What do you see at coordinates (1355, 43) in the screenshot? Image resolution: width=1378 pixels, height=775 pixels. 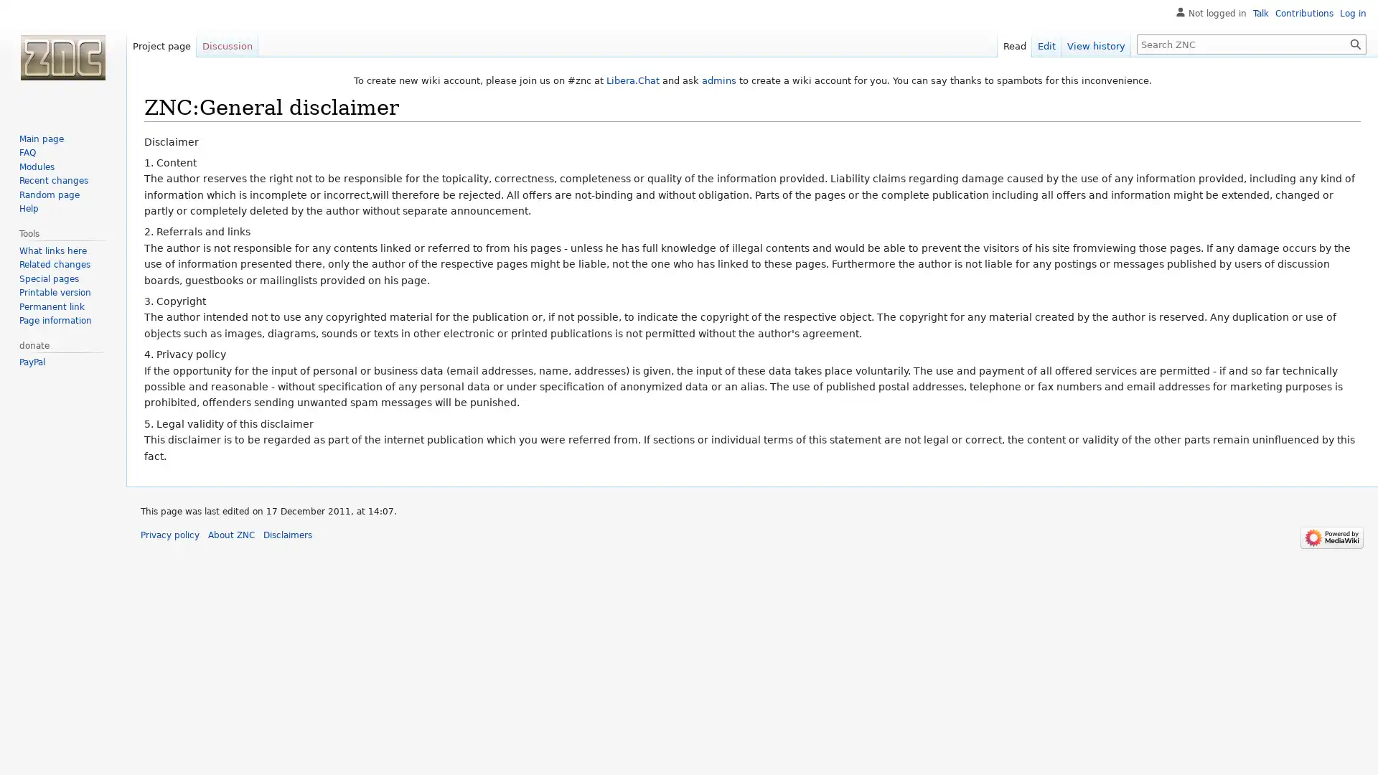 I see `Search` at bounding box center [1355, 43].